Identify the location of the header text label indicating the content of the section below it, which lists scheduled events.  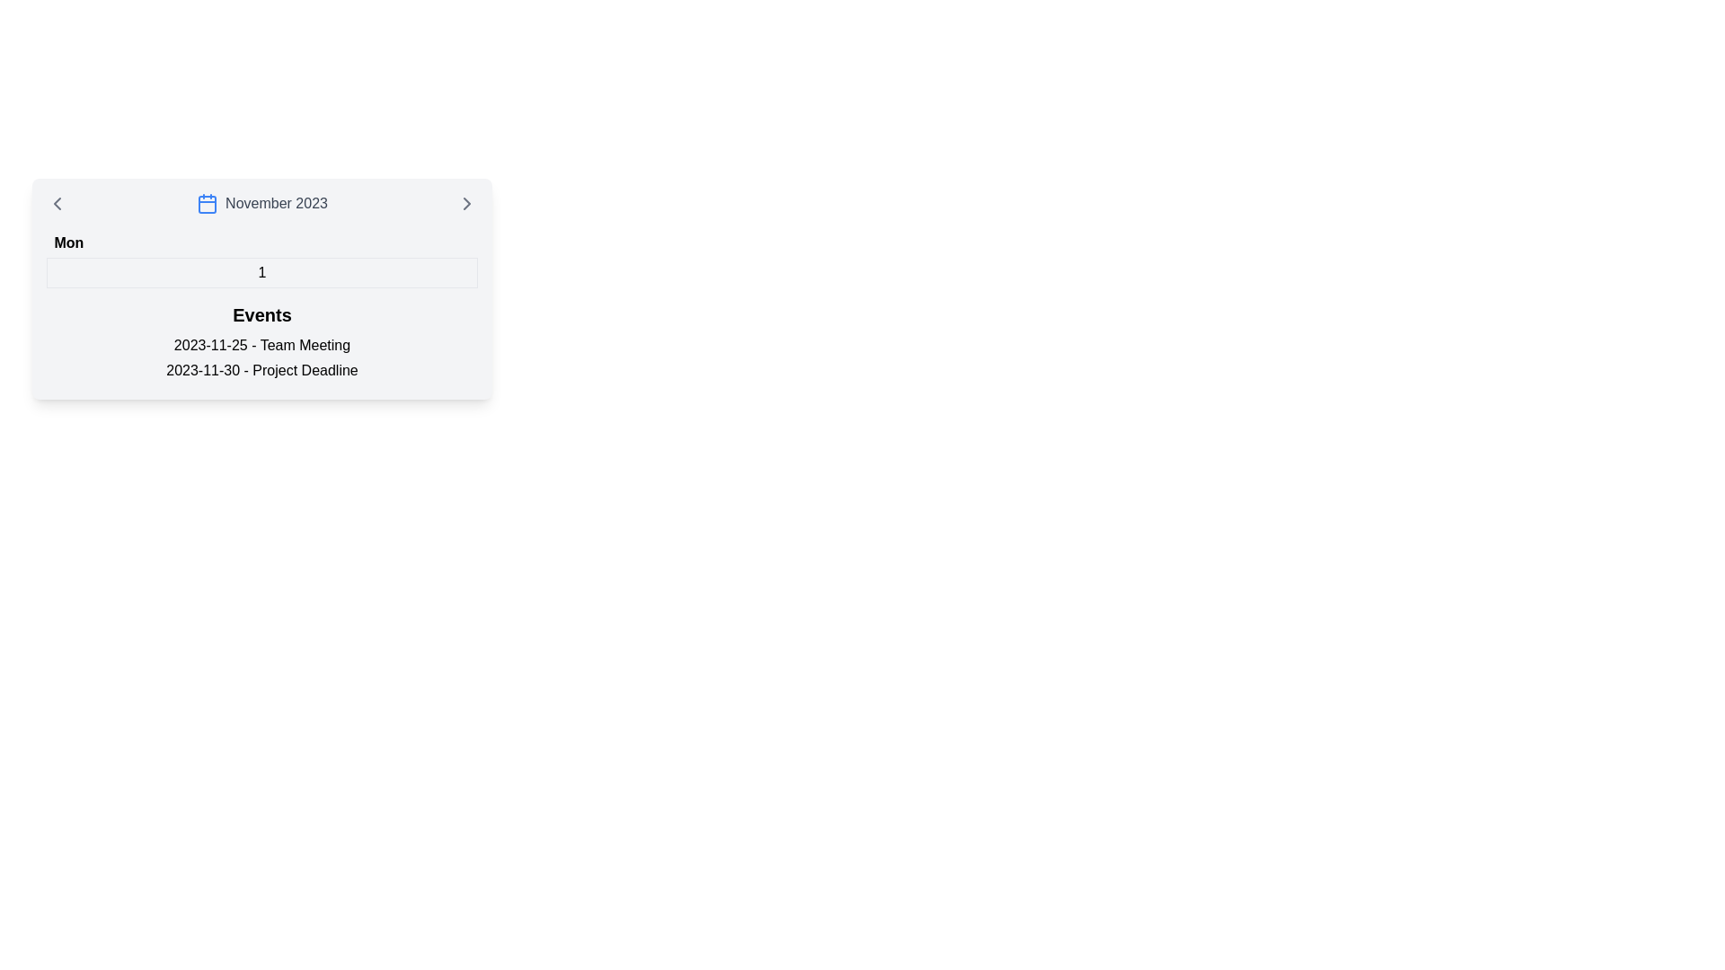
(261, 314).